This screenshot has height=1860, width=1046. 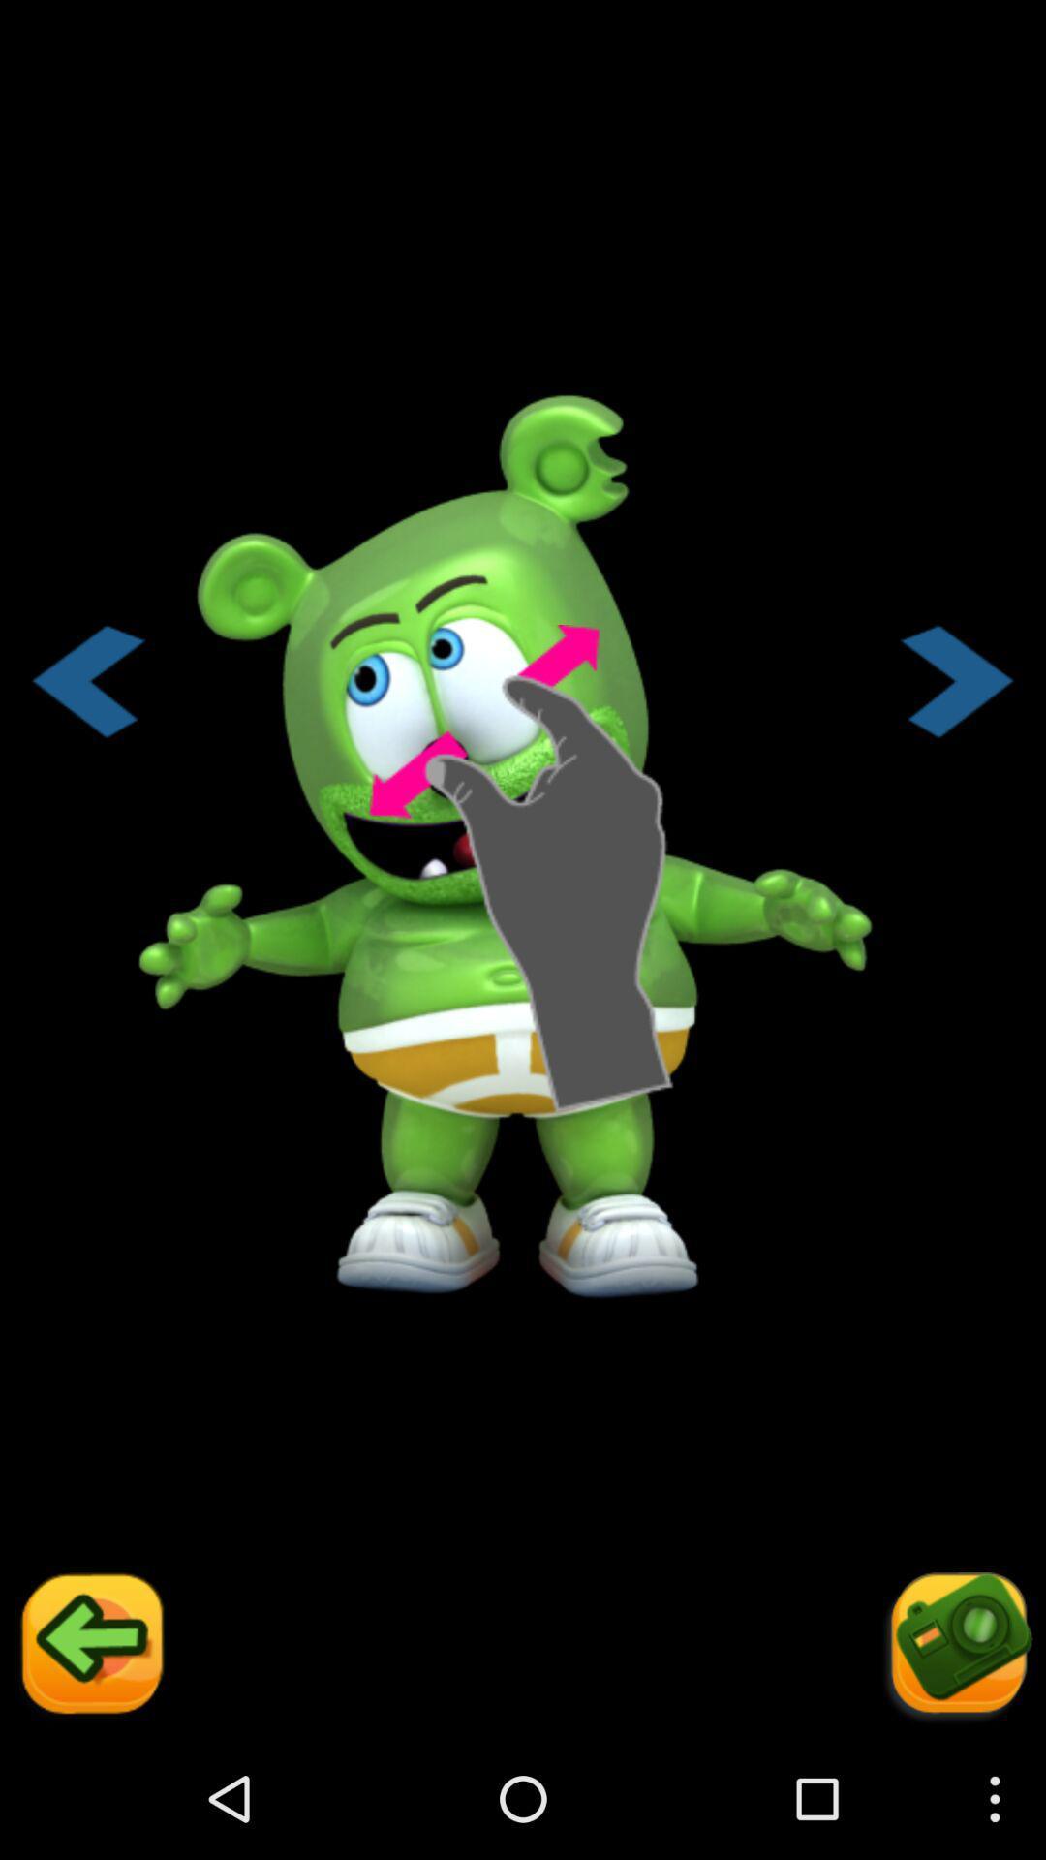 I want to click on the arrow_backward icon, so click(x=87, y=728).